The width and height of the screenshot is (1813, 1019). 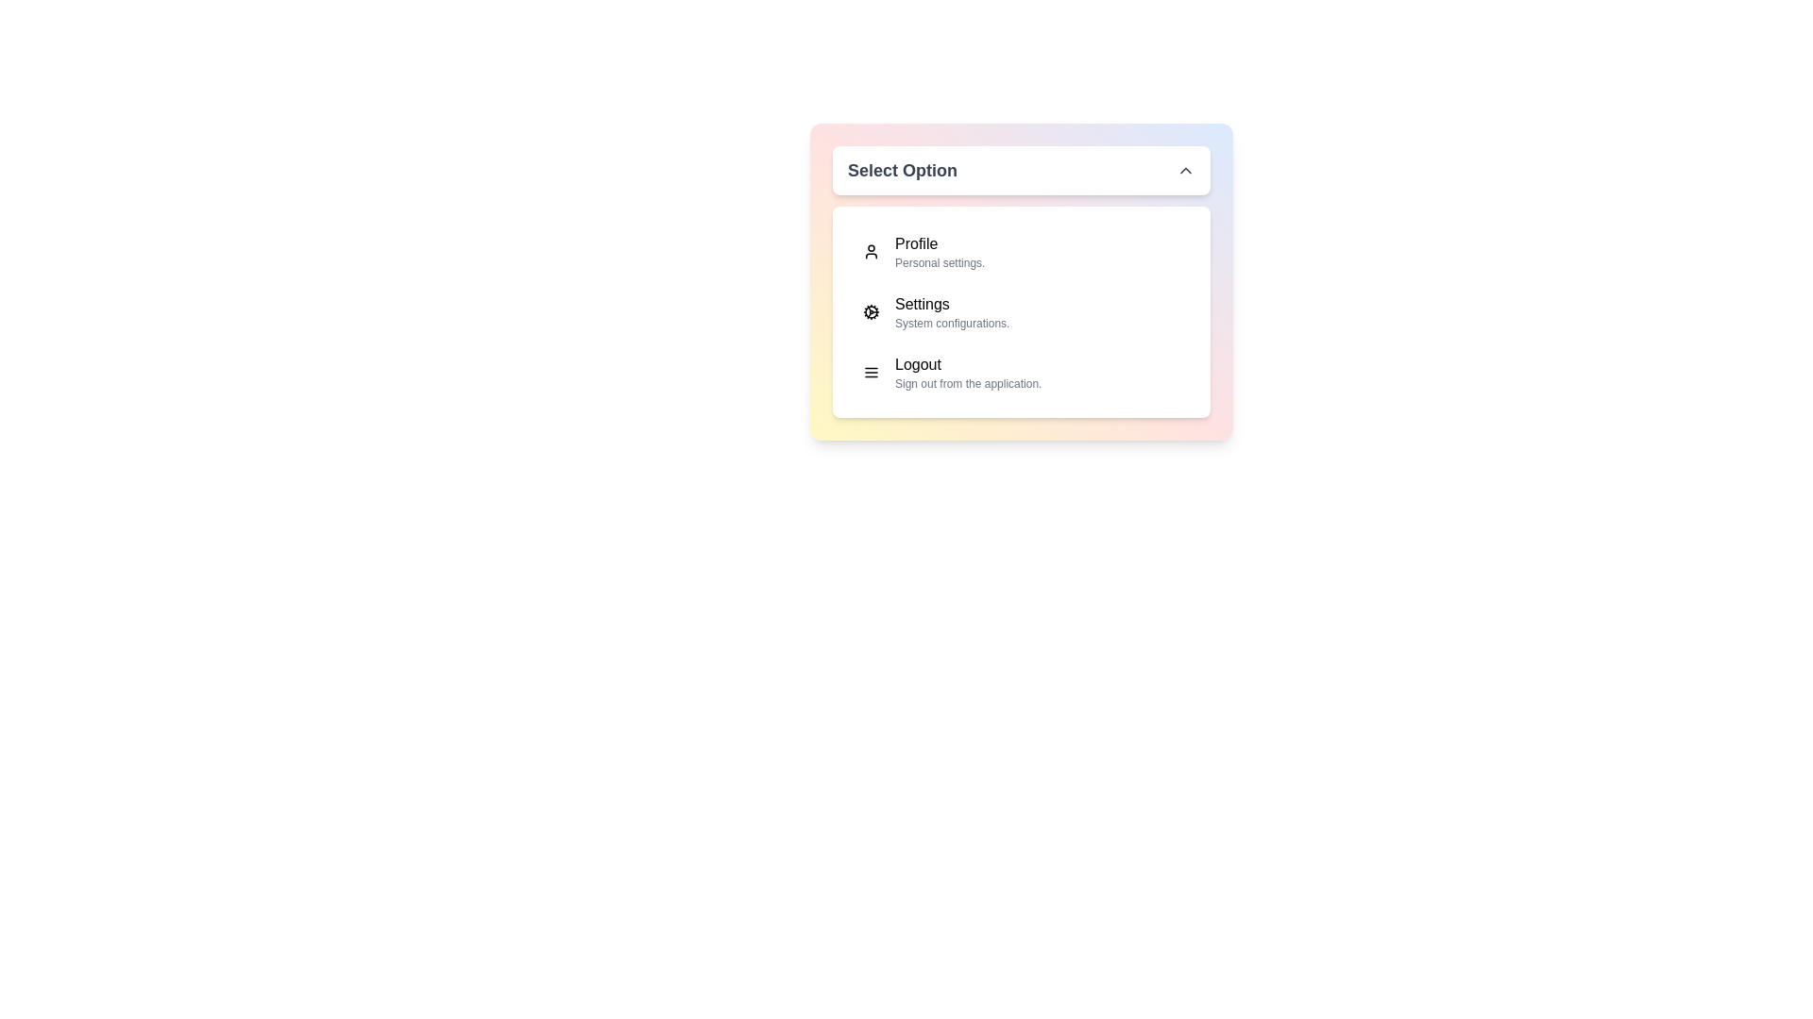 I want to click on the menu item corresponding to Logout to select it, so click(x=1020, y=372).